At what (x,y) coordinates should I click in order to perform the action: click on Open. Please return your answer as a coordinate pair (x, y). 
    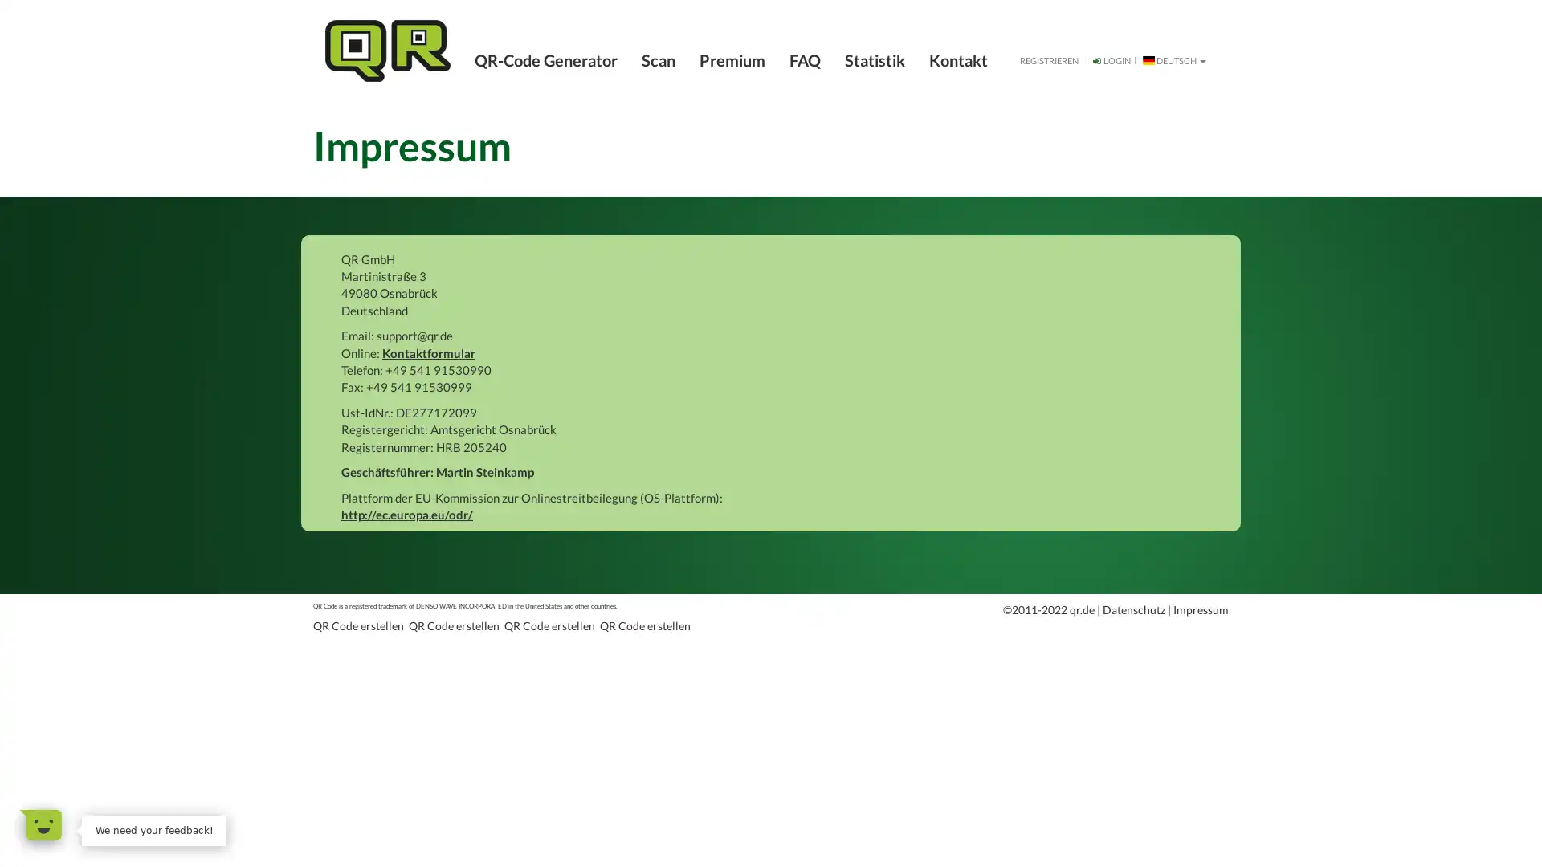
    Looking at the image, I should click on (41, 824).